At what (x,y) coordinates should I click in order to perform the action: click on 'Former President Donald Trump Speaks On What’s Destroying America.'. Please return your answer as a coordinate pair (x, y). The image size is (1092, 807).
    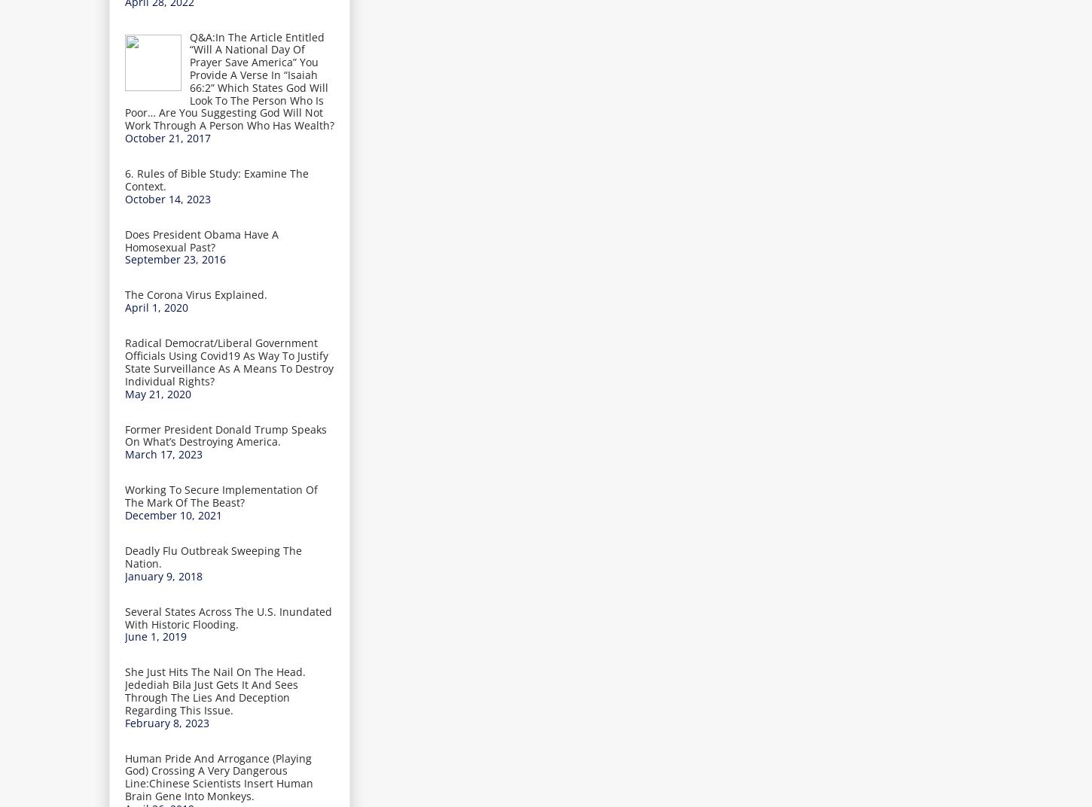
    Looking at the image, I should click on (226, 434).